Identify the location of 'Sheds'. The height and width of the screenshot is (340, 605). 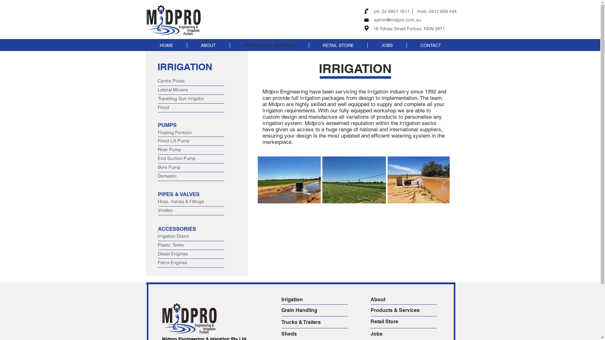
(303, 334).